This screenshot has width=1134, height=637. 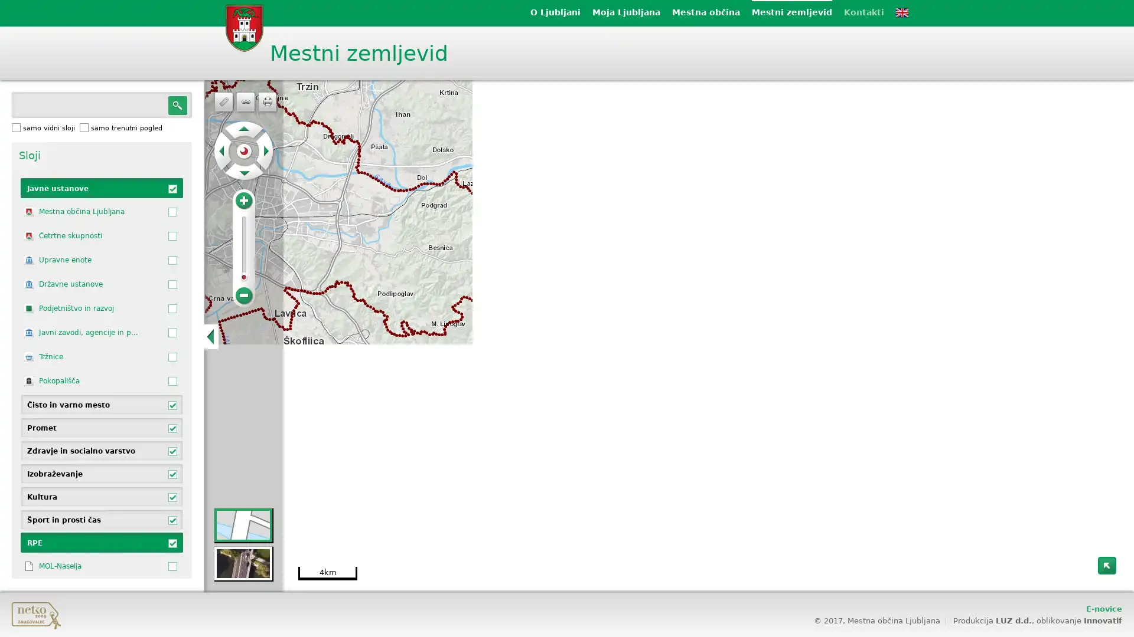 What do you see at coordinates (245, 101) in the screenshot?
I see `Povezava` at bounding box center [245, 101].